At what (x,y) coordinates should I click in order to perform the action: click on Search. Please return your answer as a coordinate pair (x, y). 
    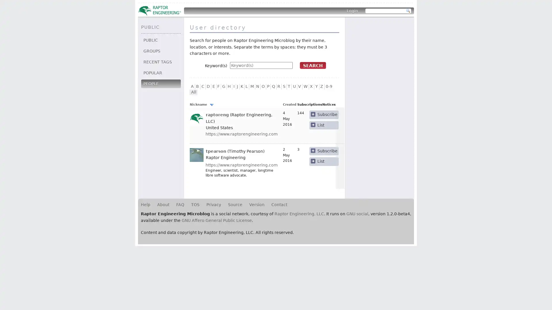
    Looking at the image, I should click on (313, 65).